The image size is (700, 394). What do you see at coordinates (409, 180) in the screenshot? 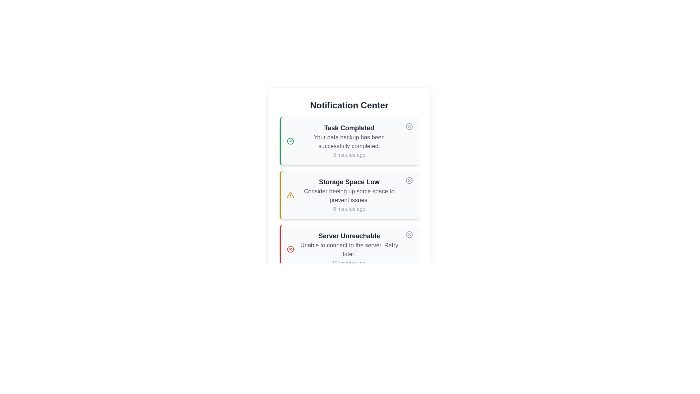
I see `the circular icon representing the geometric design in the 'Storage Space Low' notification card located in the middle of the notification list` at bounding box center [409, 180].